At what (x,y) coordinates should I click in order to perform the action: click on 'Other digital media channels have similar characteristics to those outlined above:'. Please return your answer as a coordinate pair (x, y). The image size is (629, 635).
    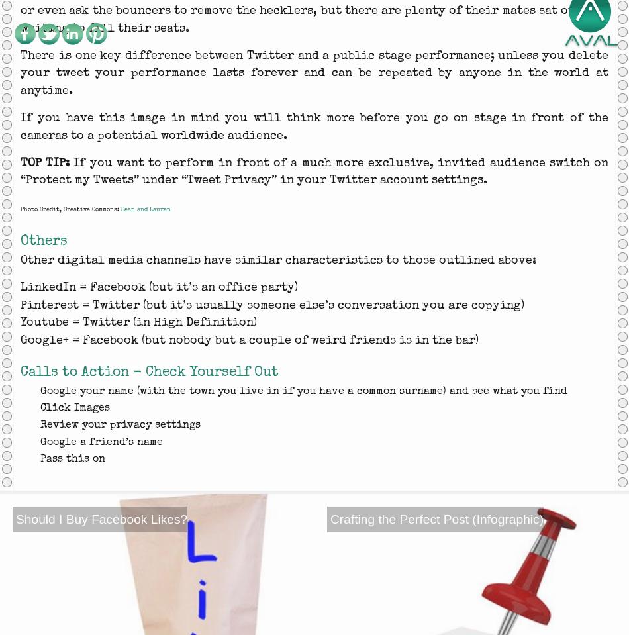
    Looking at the image, I should click on (277, 260).